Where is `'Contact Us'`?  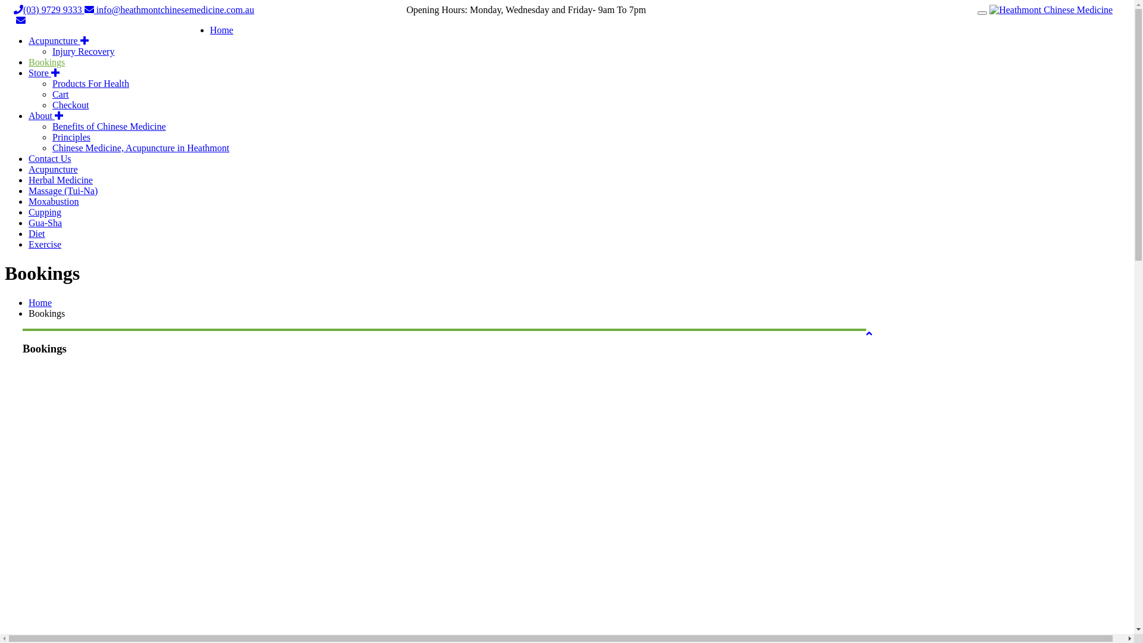 'Contact Us' is located at coordinates (29, 158).